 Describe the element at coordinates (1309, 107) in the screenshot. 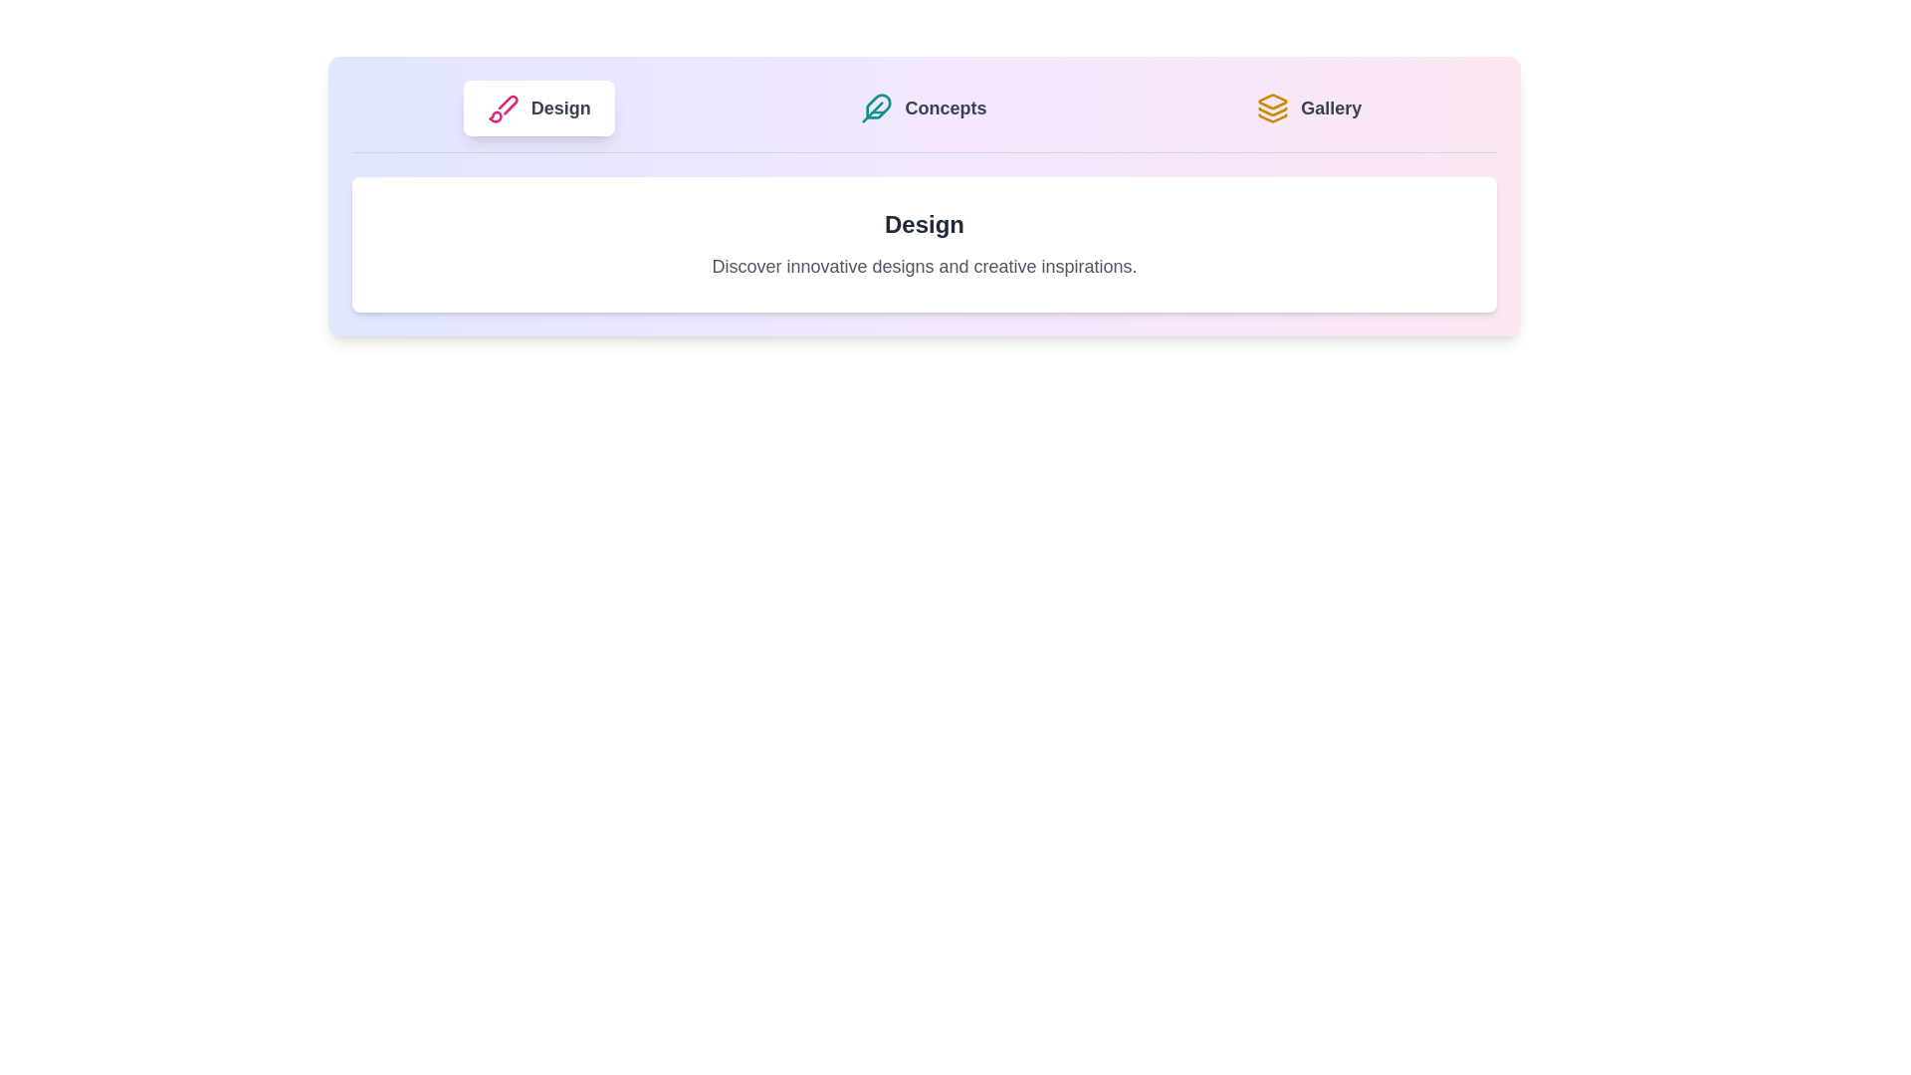

I see `the tab labeled Gallery to view its content` at that location.